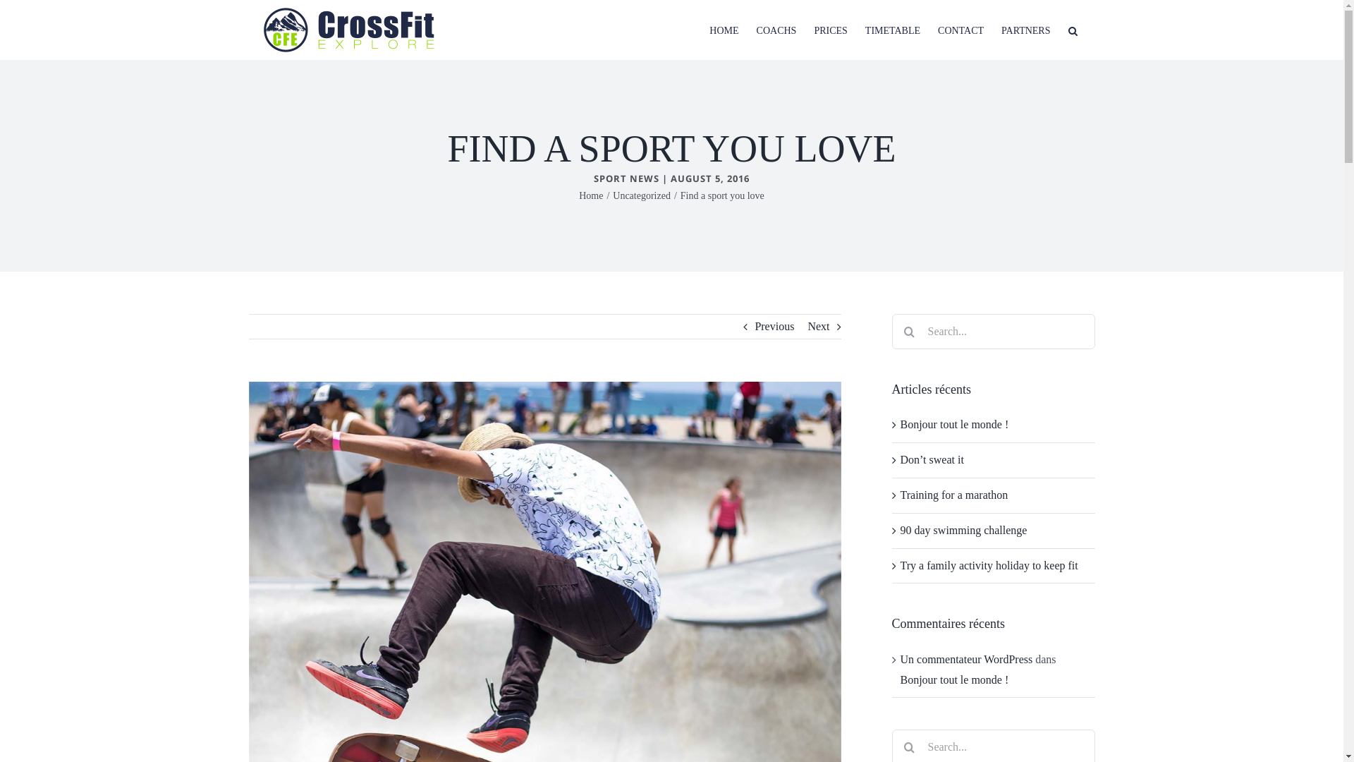 The width and height of the screenshot is (1354, 762). I want to click on 'Try a family activity holiday to keep fit', so click(987, 564).